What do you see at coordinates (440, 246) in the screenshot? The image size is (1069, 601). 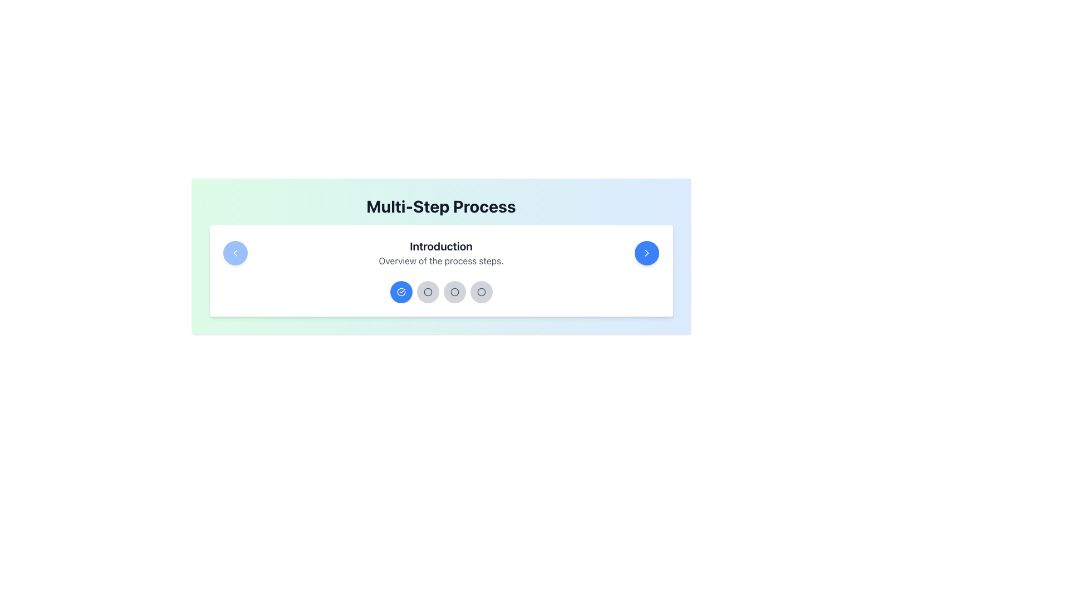 I see `bold text titled 'Introduction' located at the top center of the white rectangular card` at bounding box center [440, 246].